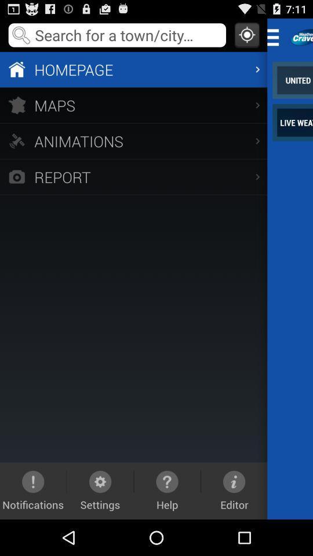 The image size is (313, 556). Describe the element at coordinates (276, 39) in the screenshot. I see `the menu icon` at that location.